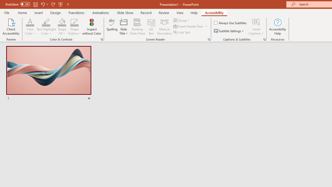  What do you see at coordinates (102, 39) in the screenshot?
I see `'Color & Contrast'` at bounding box center [102, 39].